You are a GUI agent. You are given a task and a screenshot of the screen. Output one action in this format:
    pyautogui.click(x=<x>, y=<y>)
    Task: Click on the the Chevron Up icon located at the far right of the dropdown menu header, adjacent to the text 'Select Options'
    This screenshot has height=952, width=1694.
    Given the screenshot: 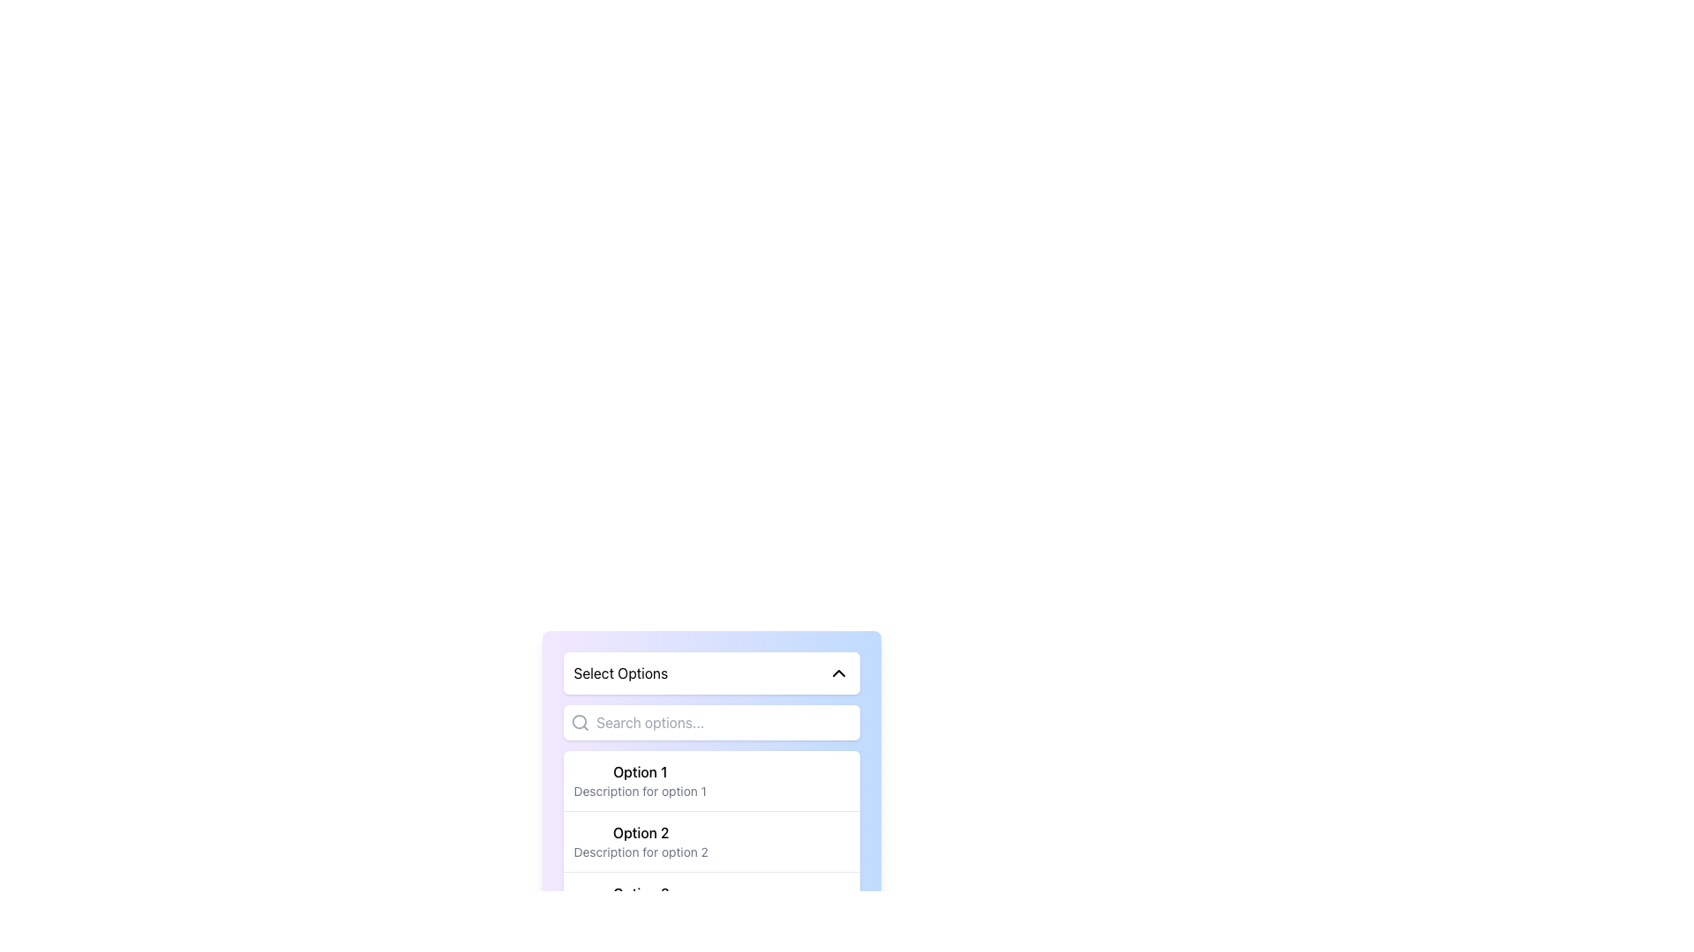 What is the action you would take?
    pyautogui.click(x=837, y=673)
    